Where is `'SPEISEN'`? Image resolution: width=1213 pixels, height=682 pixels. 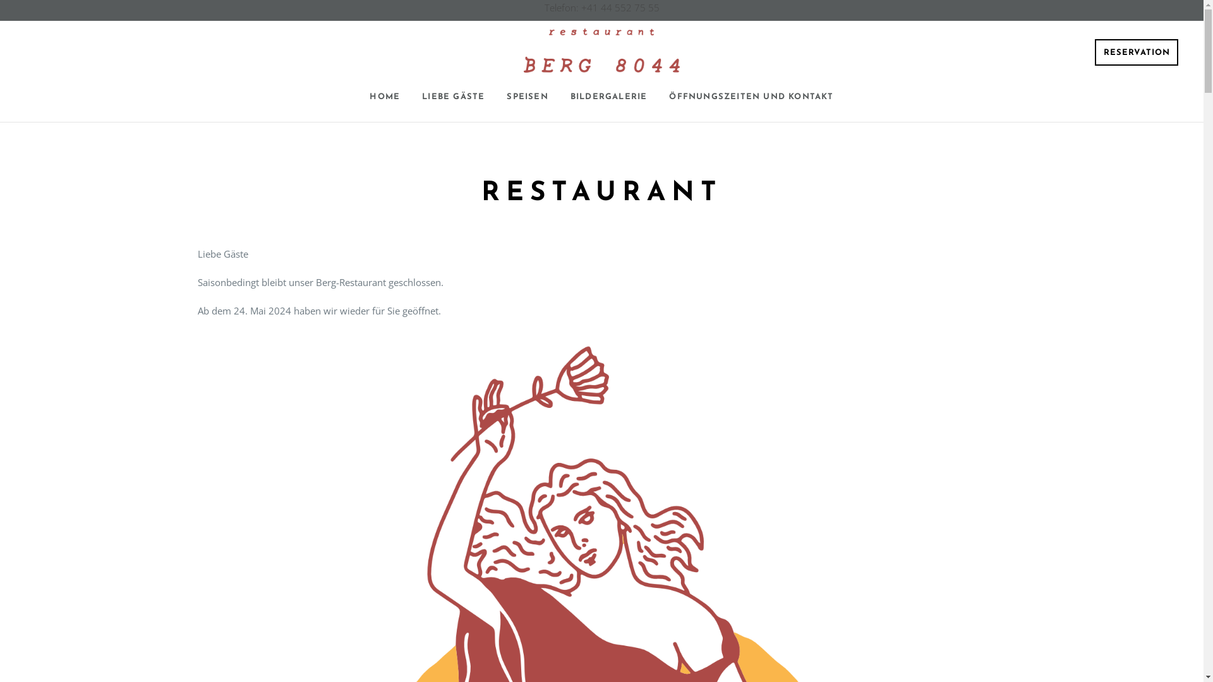 'SPEISEN' is located at coordinates (527, 97).